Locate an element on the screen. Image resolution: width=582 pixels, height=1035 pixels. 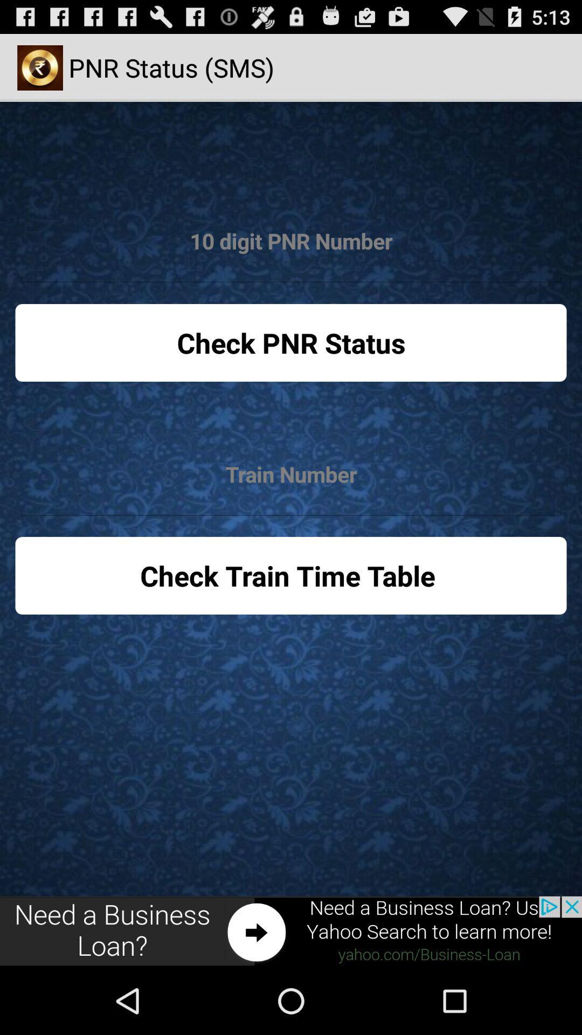
advertisement is located at coordinates (291, 931).